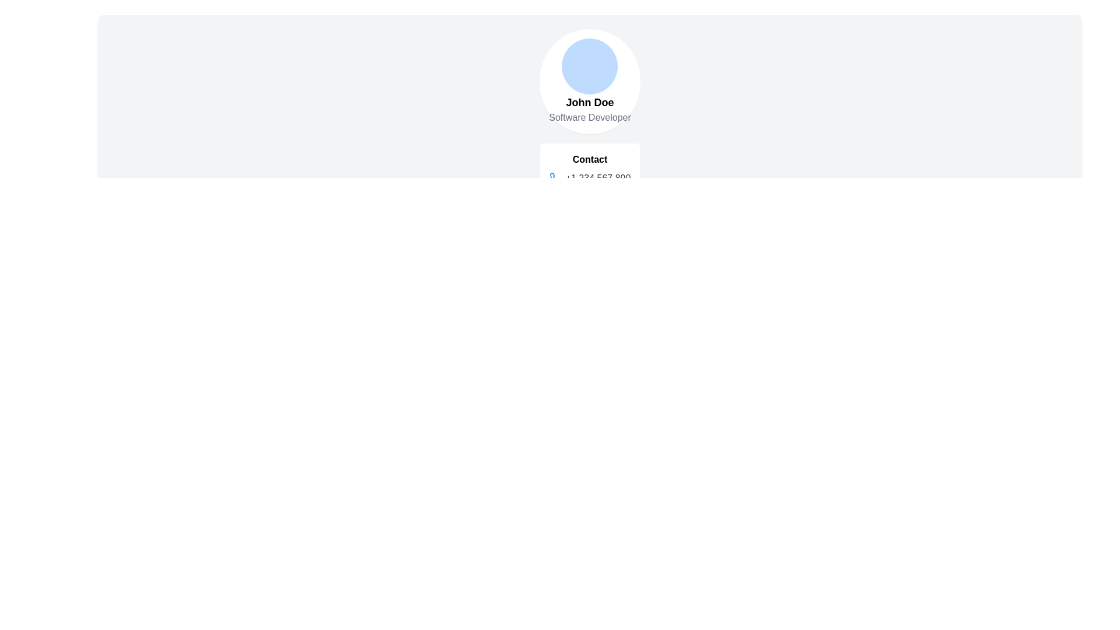 The height and width of the screenshot is (630, 1120). I want to click on the static text element displaying the phone number '+1 234 567 890', which is styled in gray and located below the 'Contact' heading and next to a phone icon, so click(598, 178).